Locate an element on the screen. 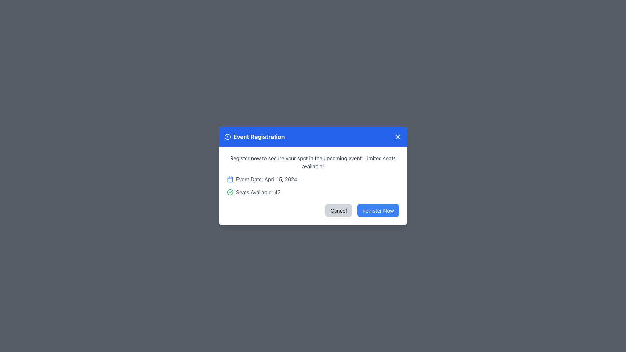  text label located in the 'Event Registration' modal, which informs the user about event registration and encourages immediate action due to limited availability is located at coordinates (313, 162).